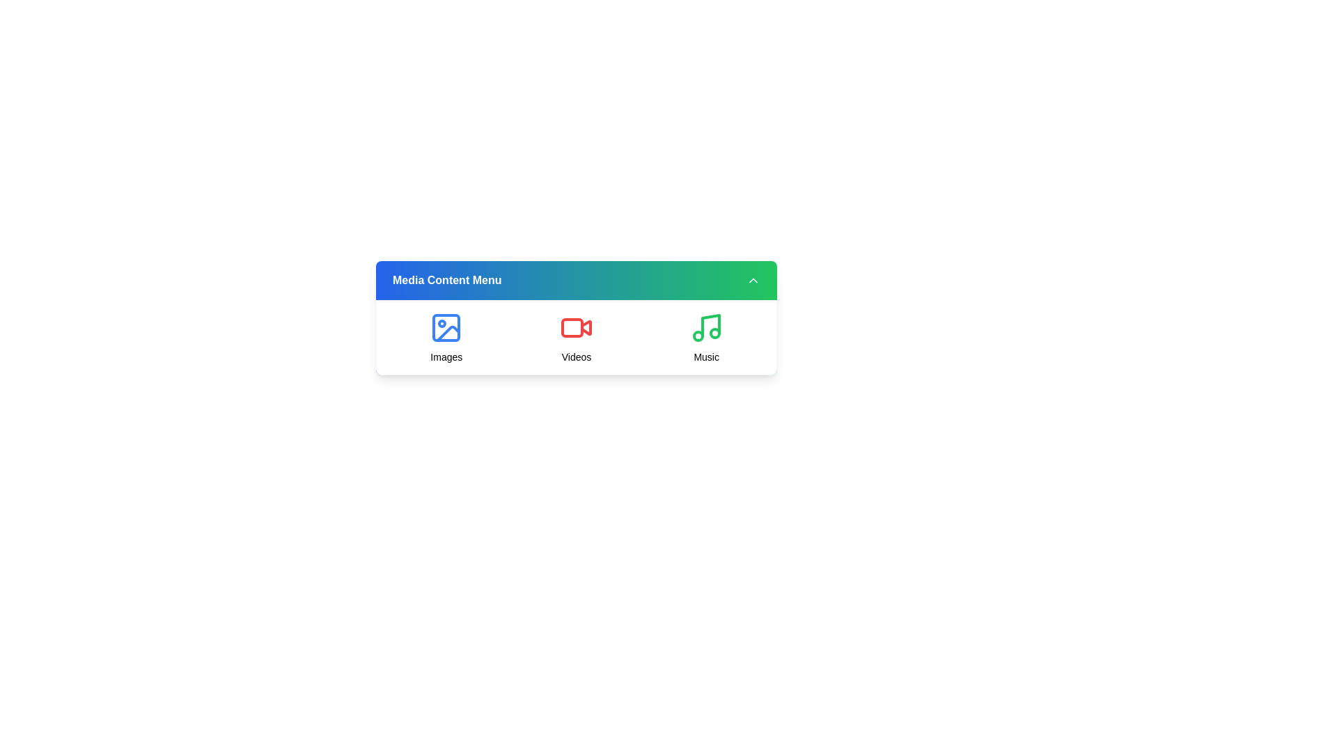 The height and width of the screenshot is (752, 1337). Describe the element at coordinates (577, 338) in the screenshot. I see `the media option icon for Videos` at that location.